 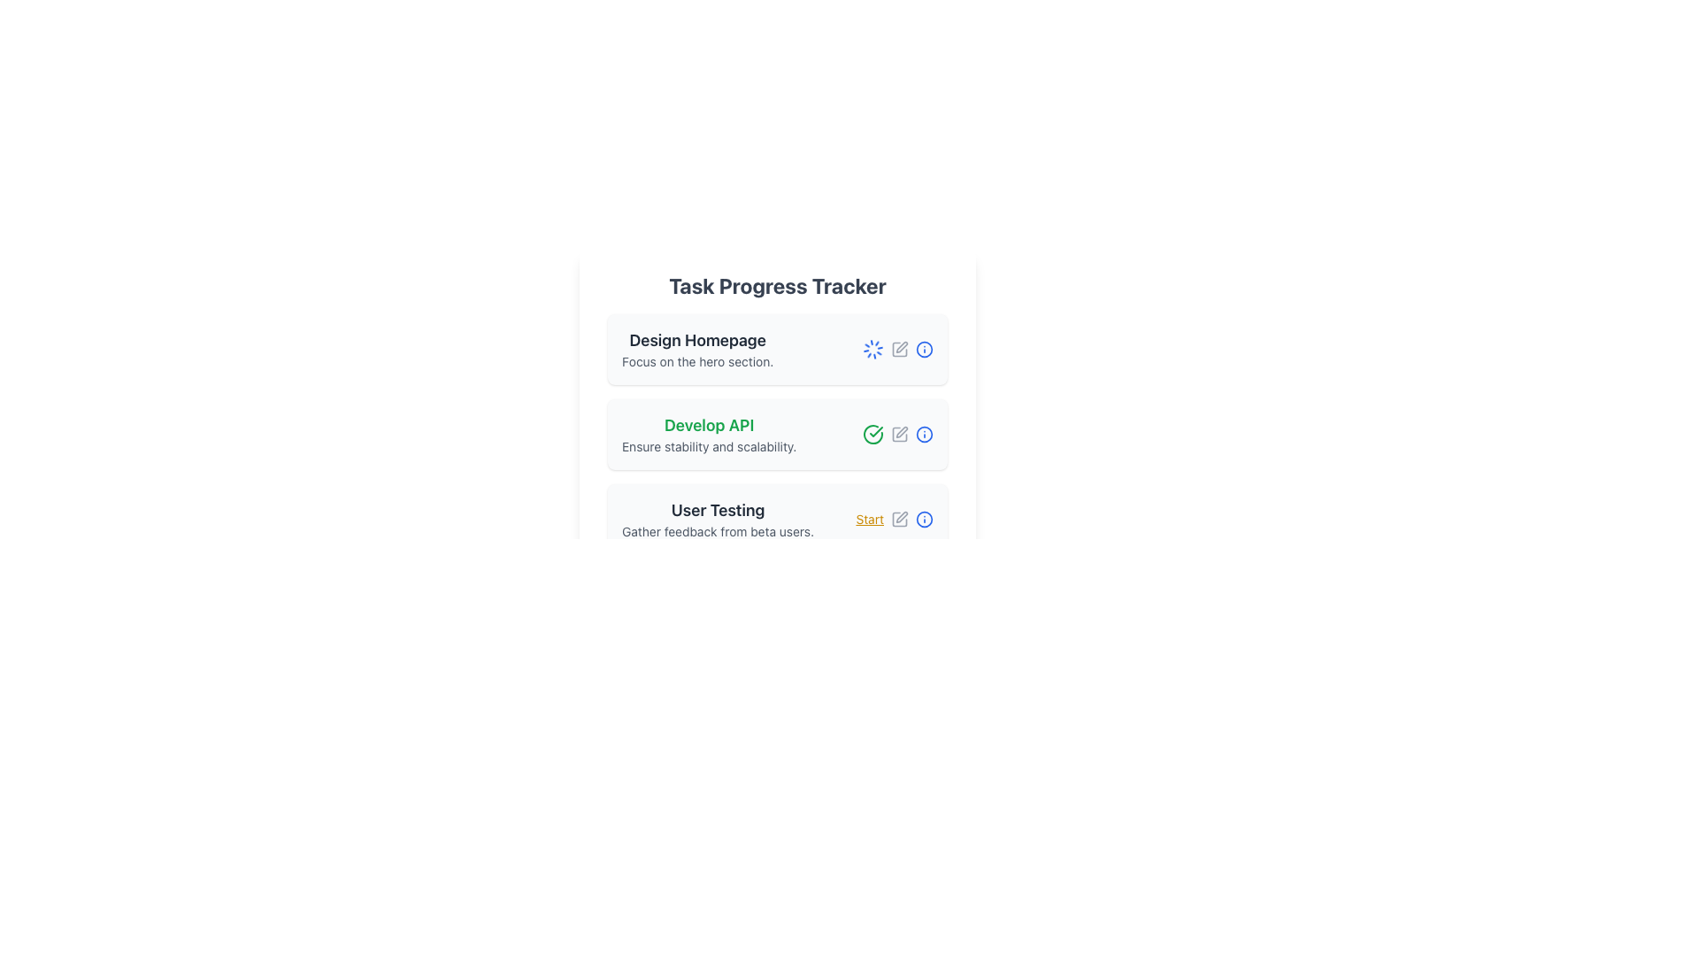 I want to click on the editing icon component located in the middle-right section of the 'Develop API' task card in the 'Task Progress Tracker' UI to initiate an action, so click(x=902, y=432).